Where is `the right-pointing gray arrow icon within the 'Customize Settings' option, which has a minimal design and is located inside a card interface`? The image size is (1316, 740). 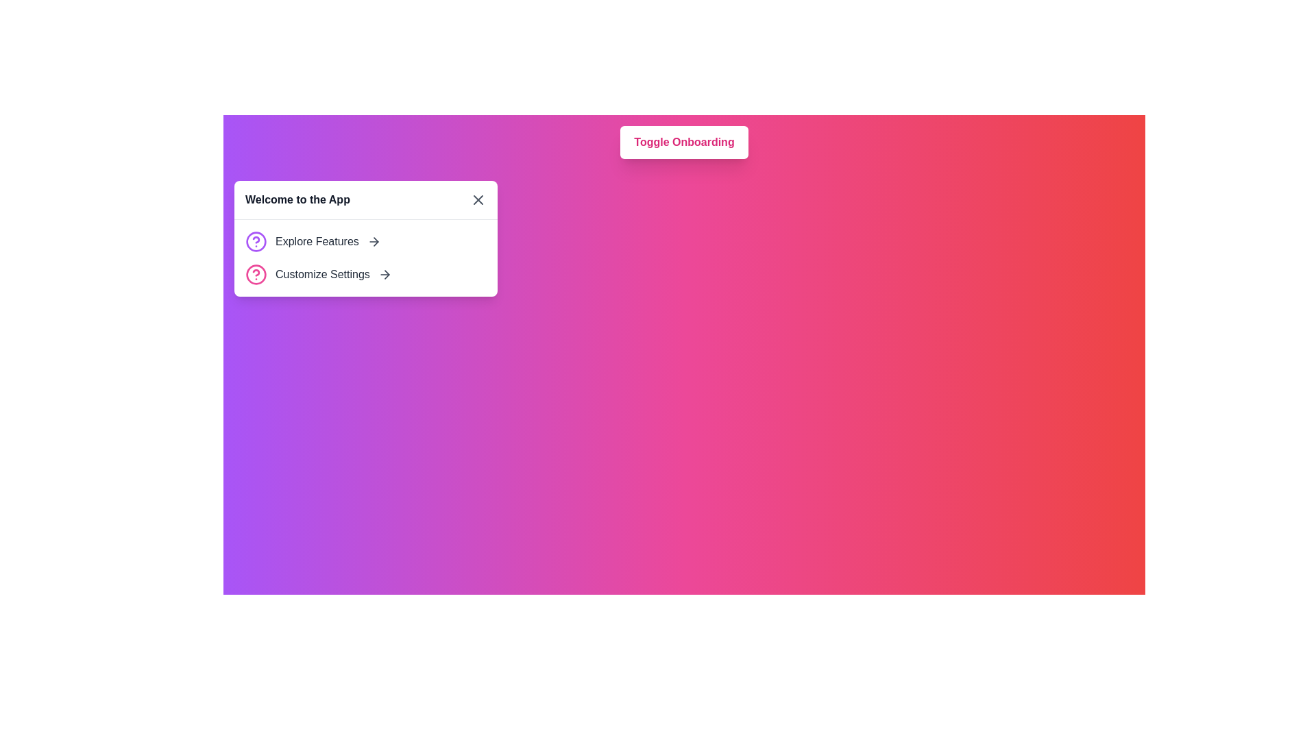
the right-pointing gray arrow icon within the 'Customize Settings' option, which has a minimal design and is located inside a card interface is located at coordinates (384, 275).